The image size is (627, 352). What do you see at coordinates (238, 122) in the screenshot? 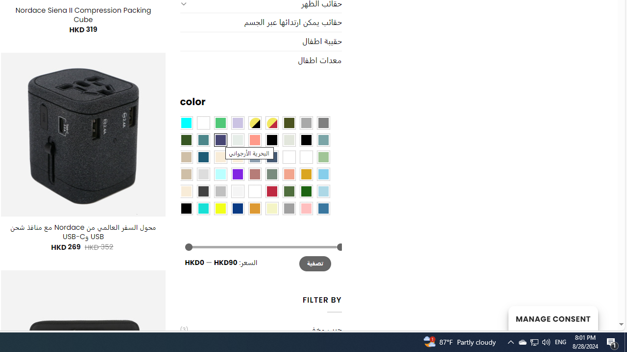
I see `'Light Purple'` at bounding box center [238, 122].